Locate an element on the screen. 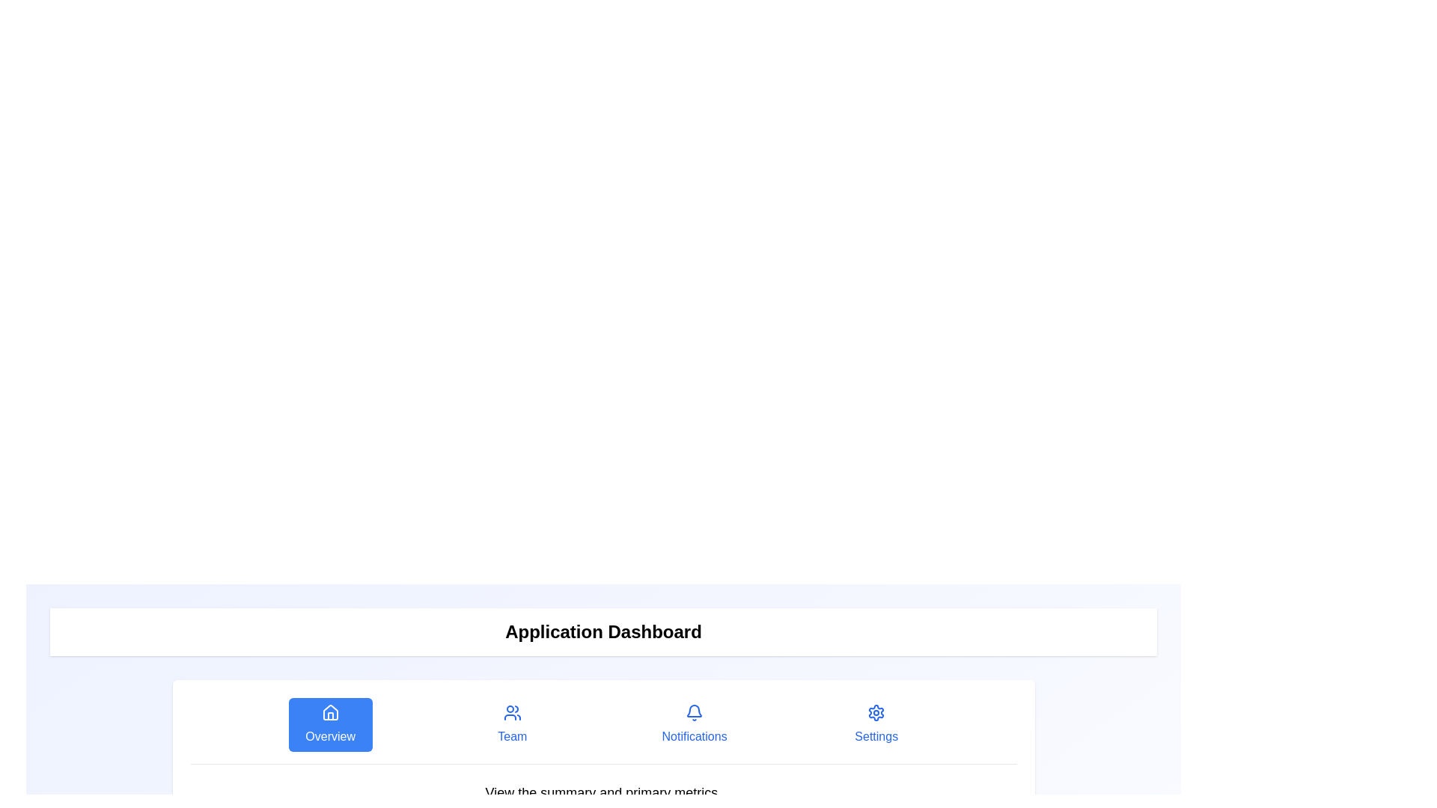 Image resolution: width=1437 pixels, height=808 pixels. the 'Overview' tab of the Navigation Tabs Grouping is located at coordinates (603, 730).